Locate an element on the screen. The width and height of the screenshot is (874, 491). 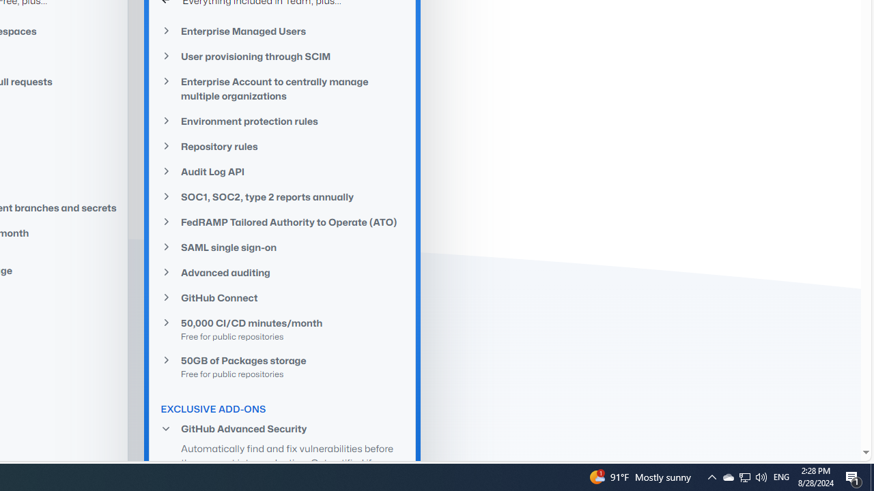
'SOC1, SOC2, type 2 reports annually' is located at coordinates (282, 197).